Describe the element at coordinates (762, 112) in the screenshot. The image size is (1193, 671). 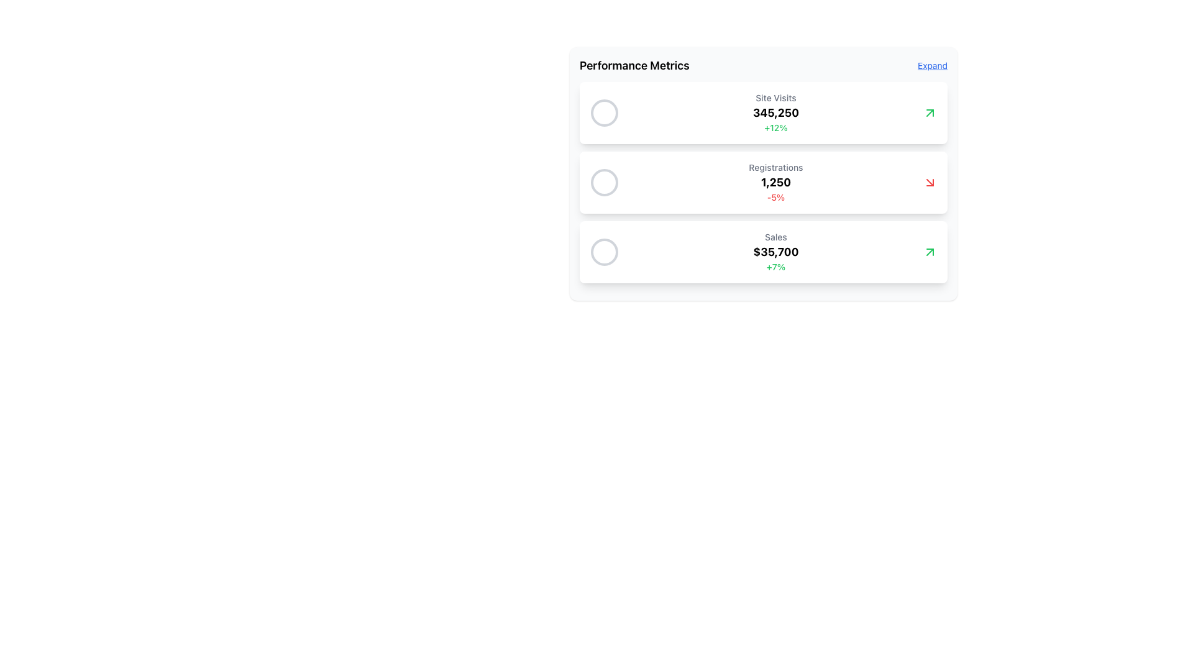
I see `the informational card displaying 'Site Visits' with metrics '345,250' and '+12%' in the Performance Metrics section` at that location.